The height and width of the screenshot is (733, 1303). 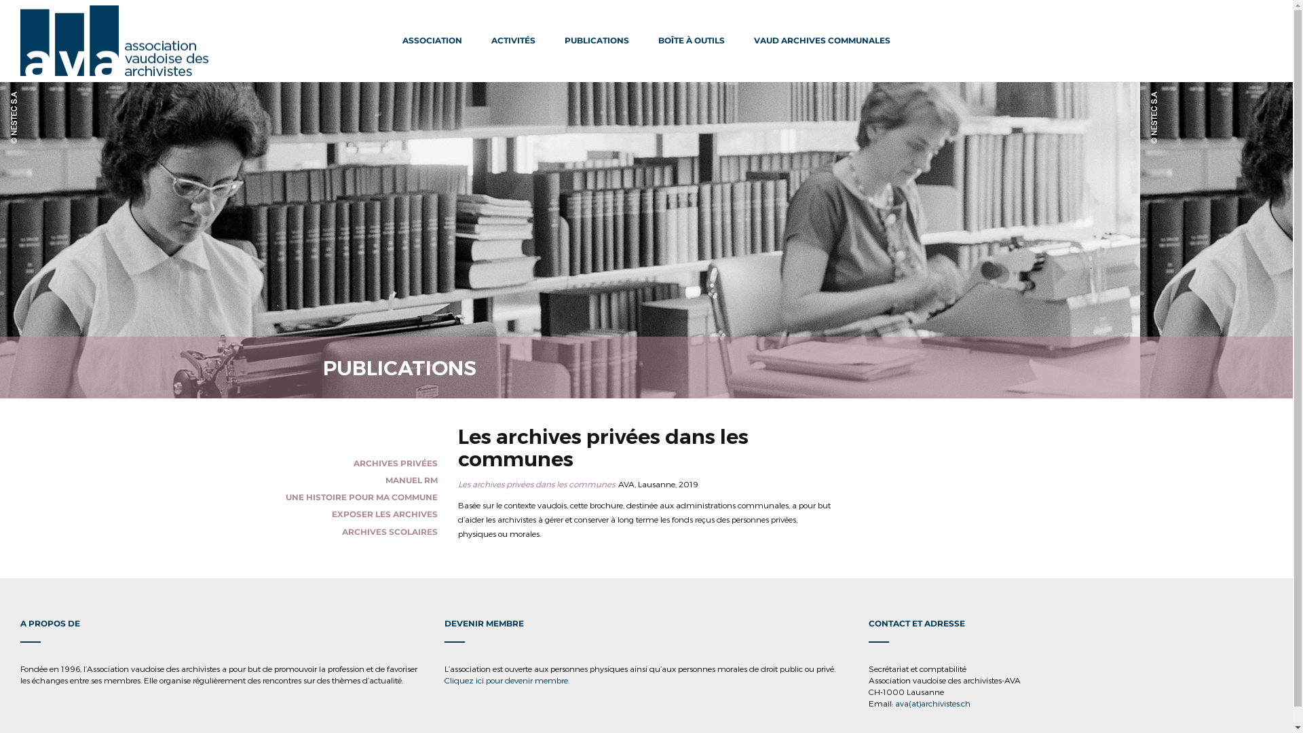 What do you see at coordinates (932, 702) in the screenshot?
I see `'ava(at)archivistes.ch'` at bounding box center [932, 702].